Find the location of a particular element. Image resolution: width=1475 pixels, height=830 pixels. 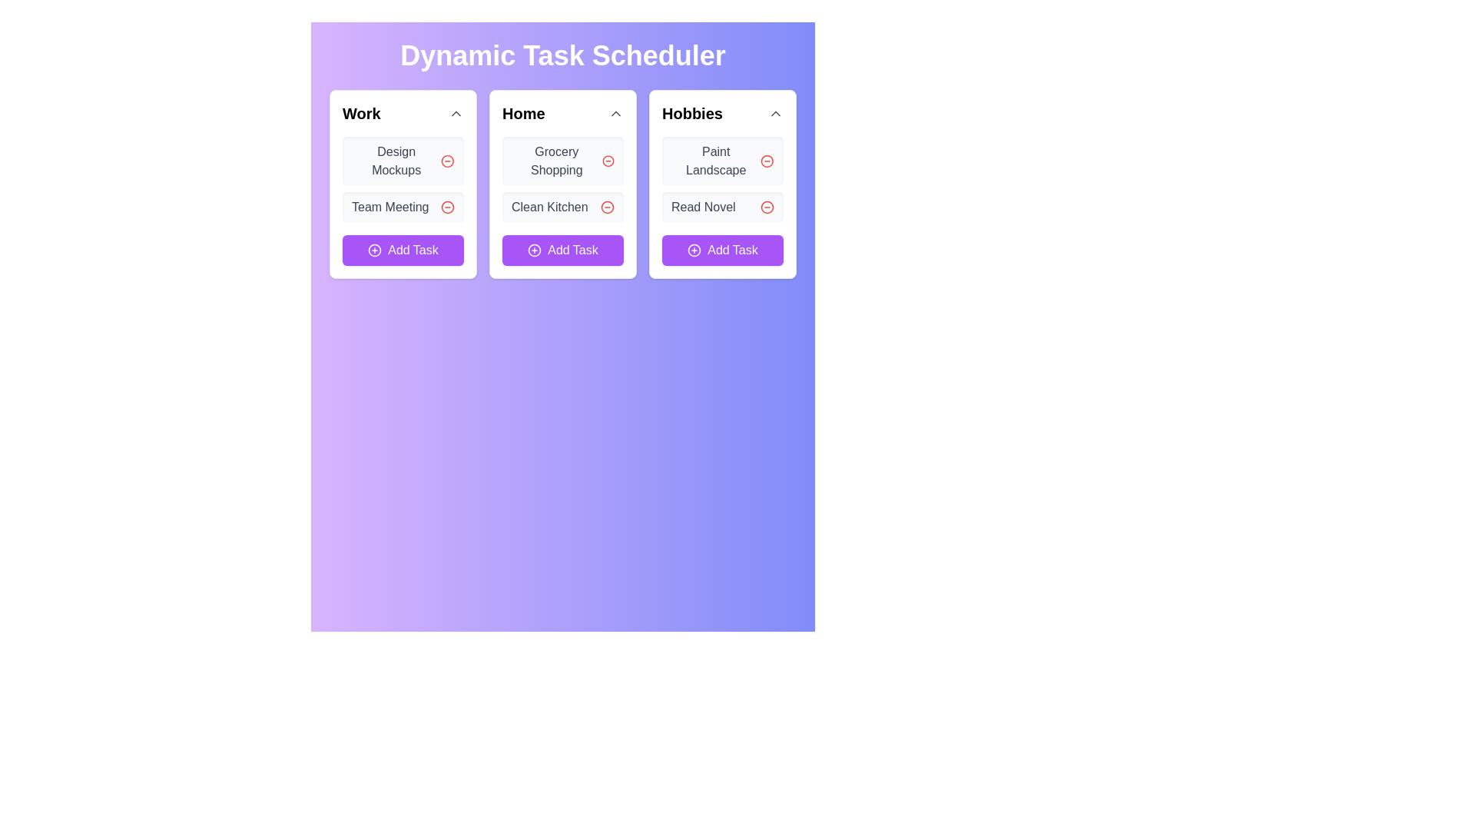

the arrow icon in the top-right corner of the 'Work' card header is located at coordinates (456, 112).